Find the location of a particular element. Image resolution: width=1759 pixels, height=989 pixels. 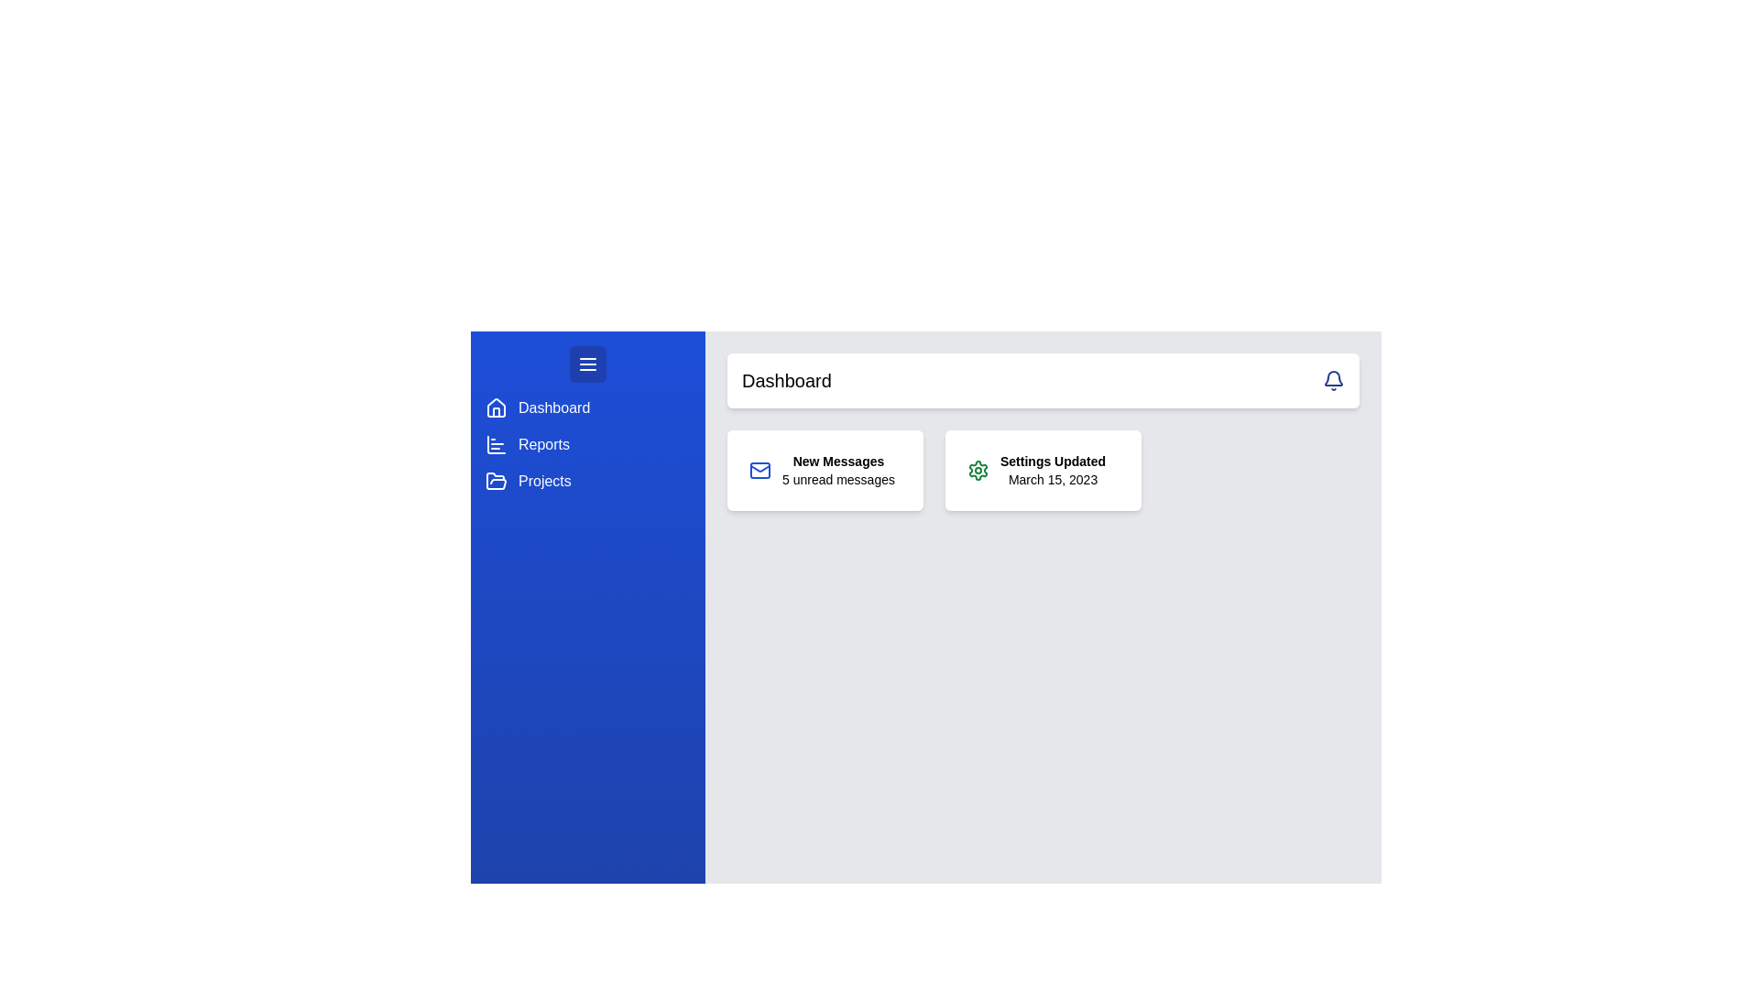

the informational card that displays 'Settings Updated' with a green gear icon, located in the right column of the grid is located at coordinates (1043, 469).